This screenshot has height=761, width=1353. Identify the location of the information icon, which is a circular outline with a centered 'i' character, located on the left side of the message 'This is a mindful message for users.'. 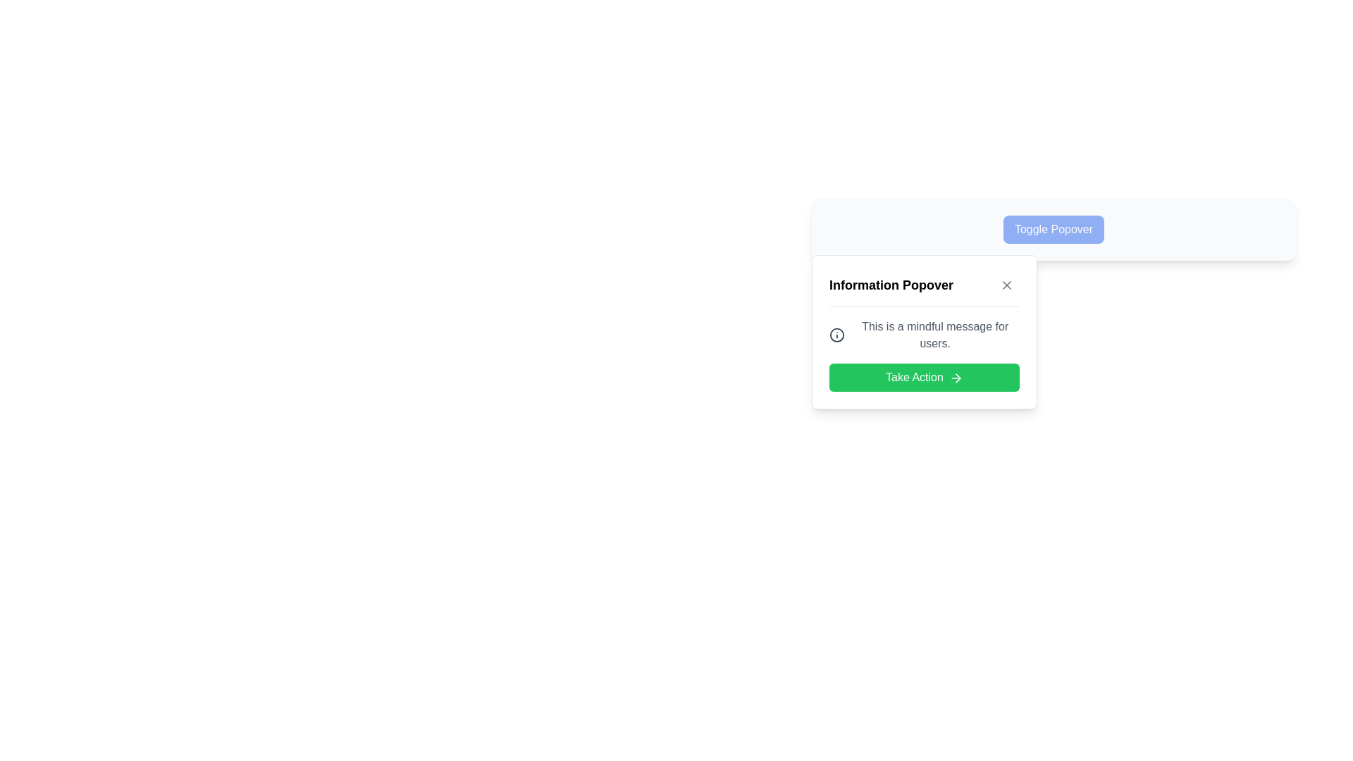
(837, 335).